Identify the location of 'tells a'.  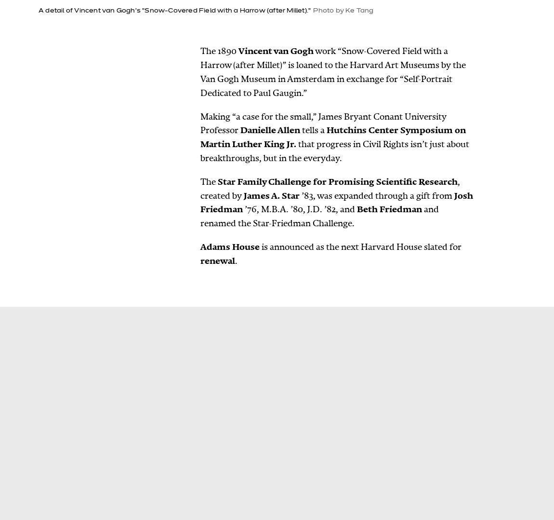
(313, 130).